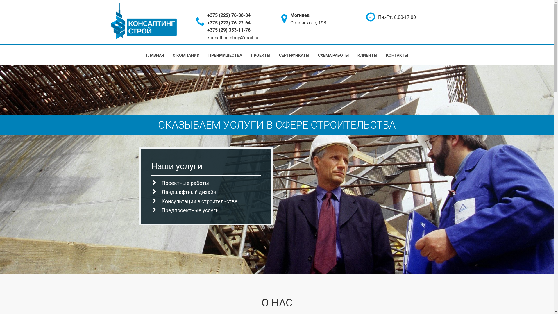  I want to click on '+375 (222) 76-38-34', so click(228, 15).